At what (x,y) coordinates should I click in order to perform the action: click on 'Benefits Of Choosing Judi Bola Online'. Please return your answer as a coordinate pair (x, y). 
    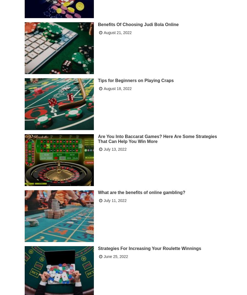
    Looking at the image, I should click on (138, 24).